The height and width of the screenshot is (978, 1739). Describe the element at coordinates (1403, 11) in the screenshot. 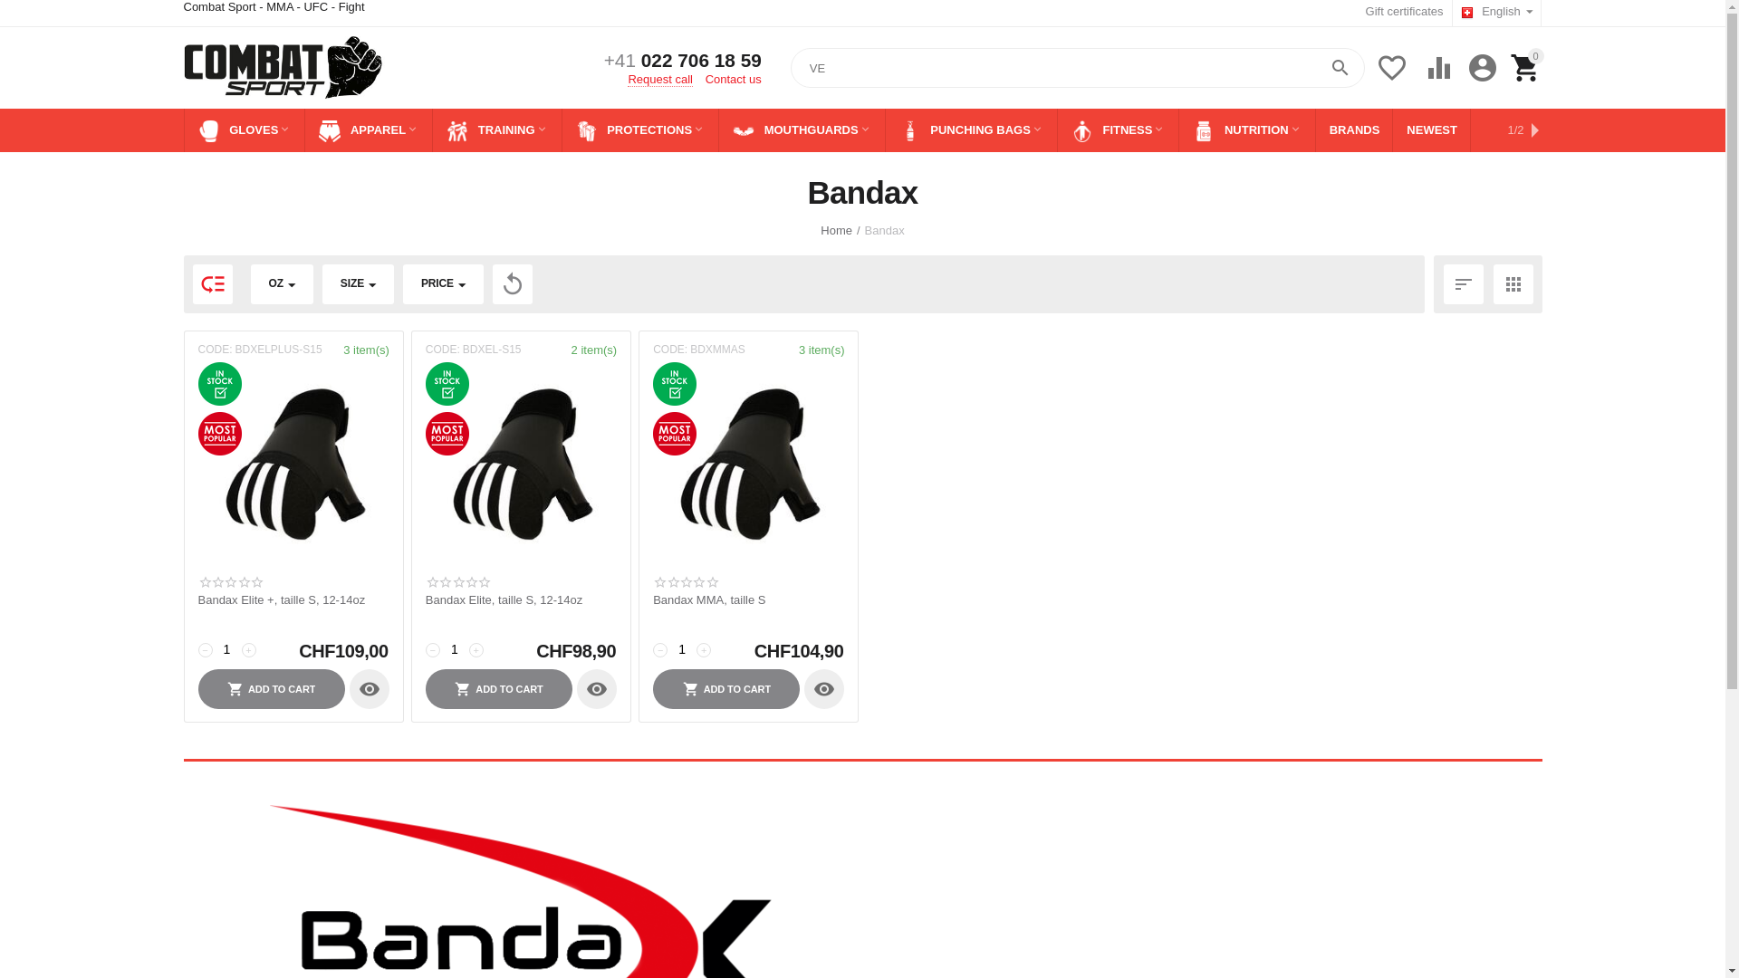

I see `'Gift certificates'` at that location.